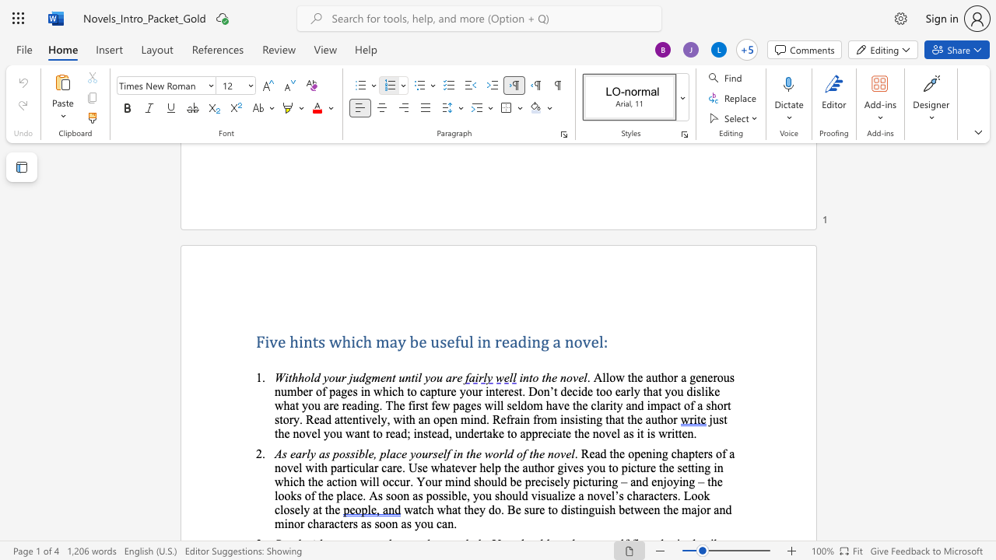 This screenshot has width=996, height=560. What do you see at coordinates (349, 453) in the screenshot?
I see `the space between the continuous character "s" and "s" in the text` at bounding box center [349, 453].